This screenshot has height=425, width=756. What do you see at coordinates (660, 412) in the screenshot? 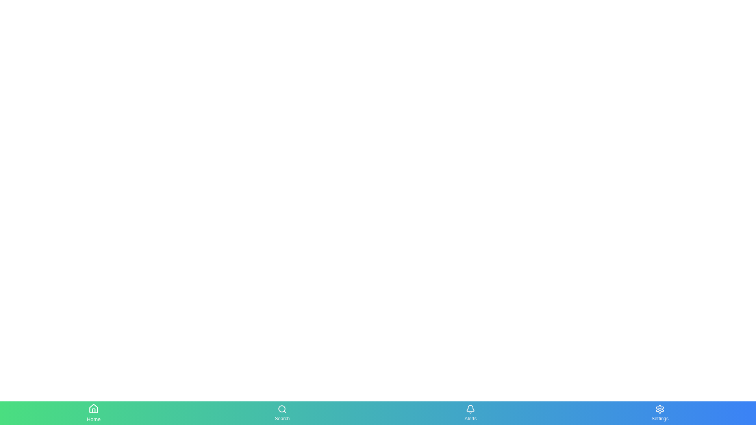
I see `the navigation tab labeled Settings` at bounding box center [660, 412].